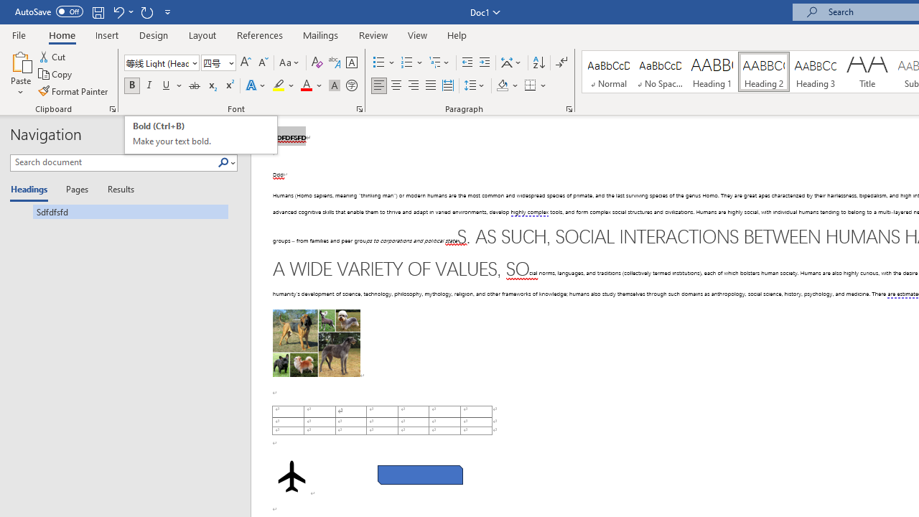 The image size is (919, 517). I want to click on 'Strikethrough', so click(193, 85).